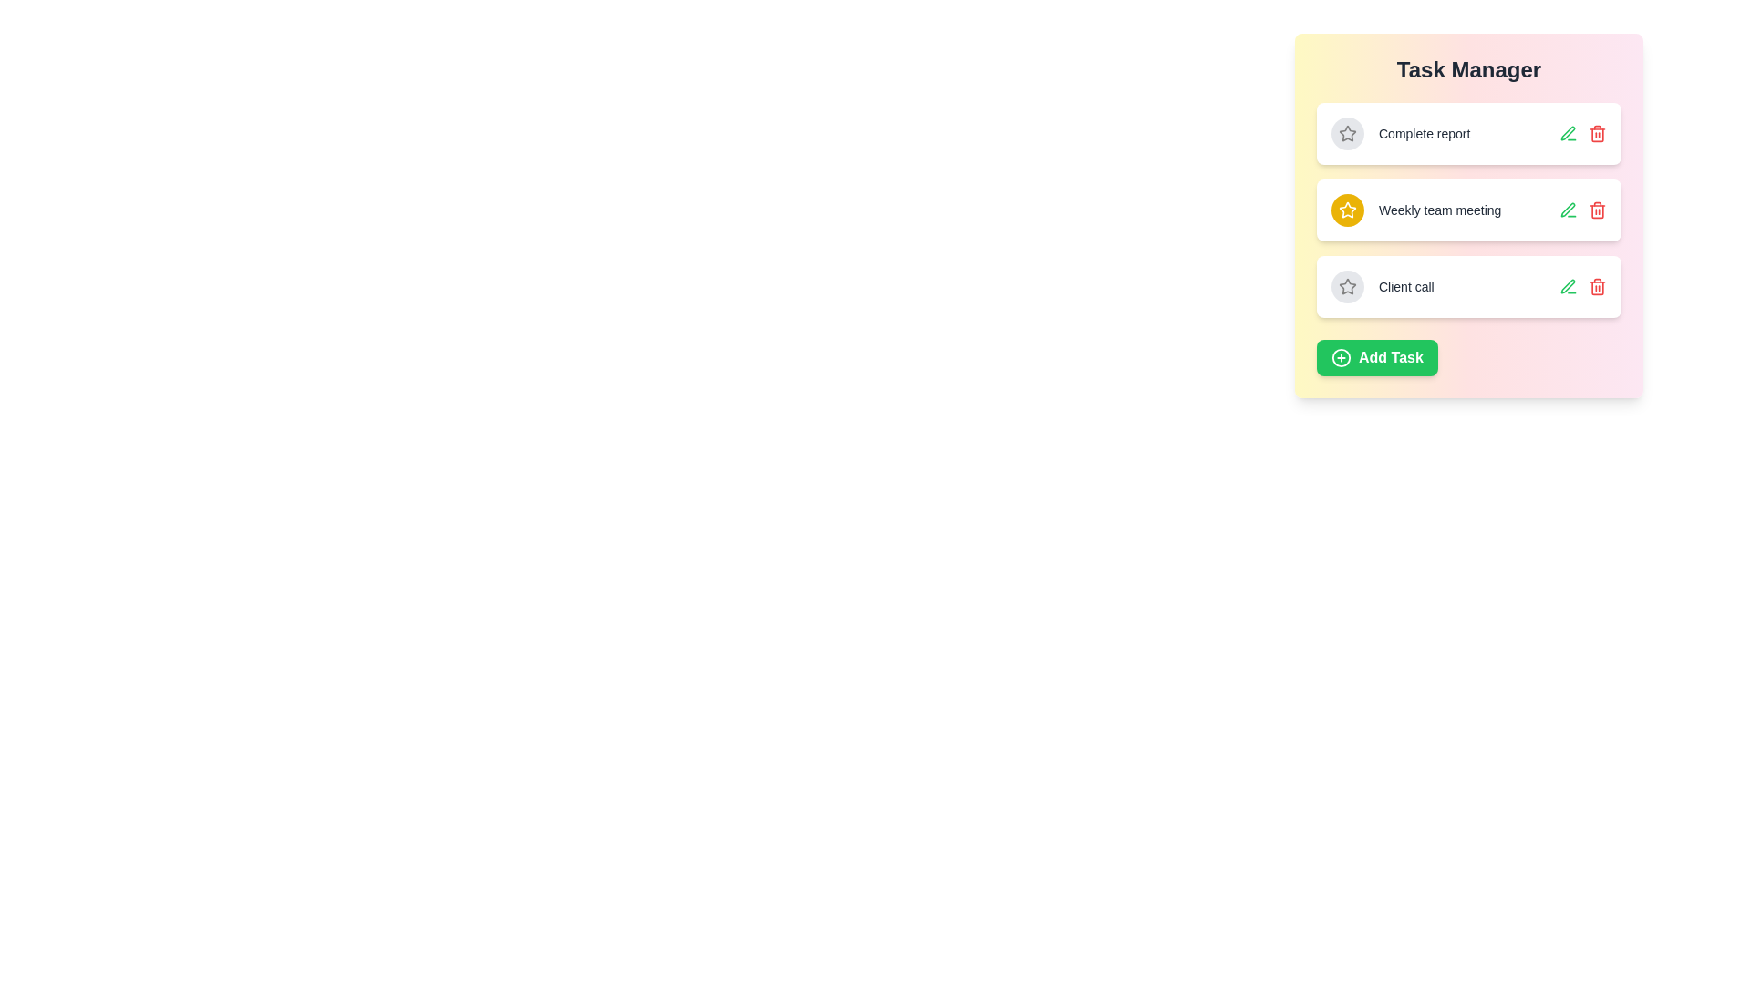  Describe the element at coordinates (1597, 287) in the screenshot. I see `the trash icon of the task titled 'Client call' to delete it` at that location.